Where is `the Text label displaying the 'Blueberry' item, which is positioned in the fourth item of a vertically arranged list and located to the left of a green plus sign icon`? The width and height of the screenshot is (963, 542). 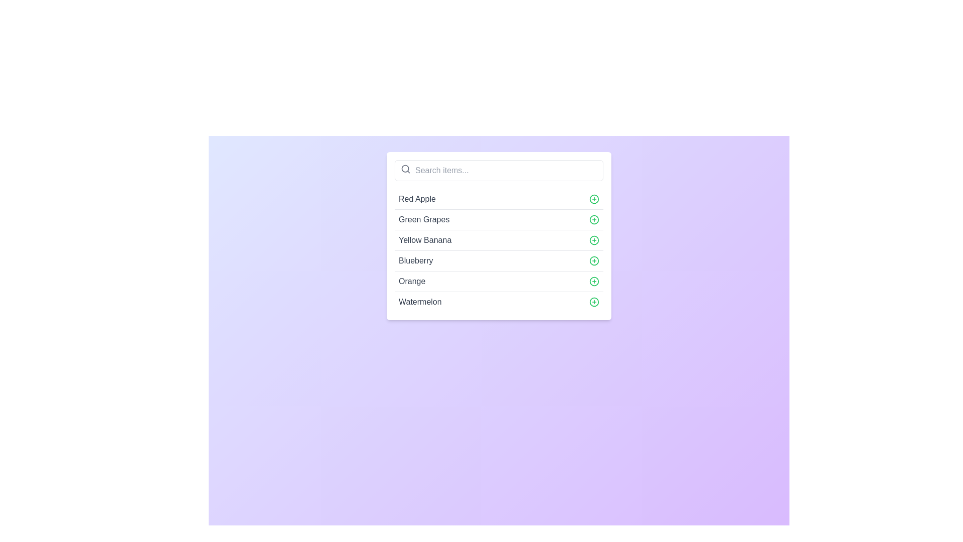
the Text label displaying the 'Blueberry' item, which is positioned in the fourth item of a vertically arranged list and located to the left of a green plus sign icon is located at coordinates (416, 260).